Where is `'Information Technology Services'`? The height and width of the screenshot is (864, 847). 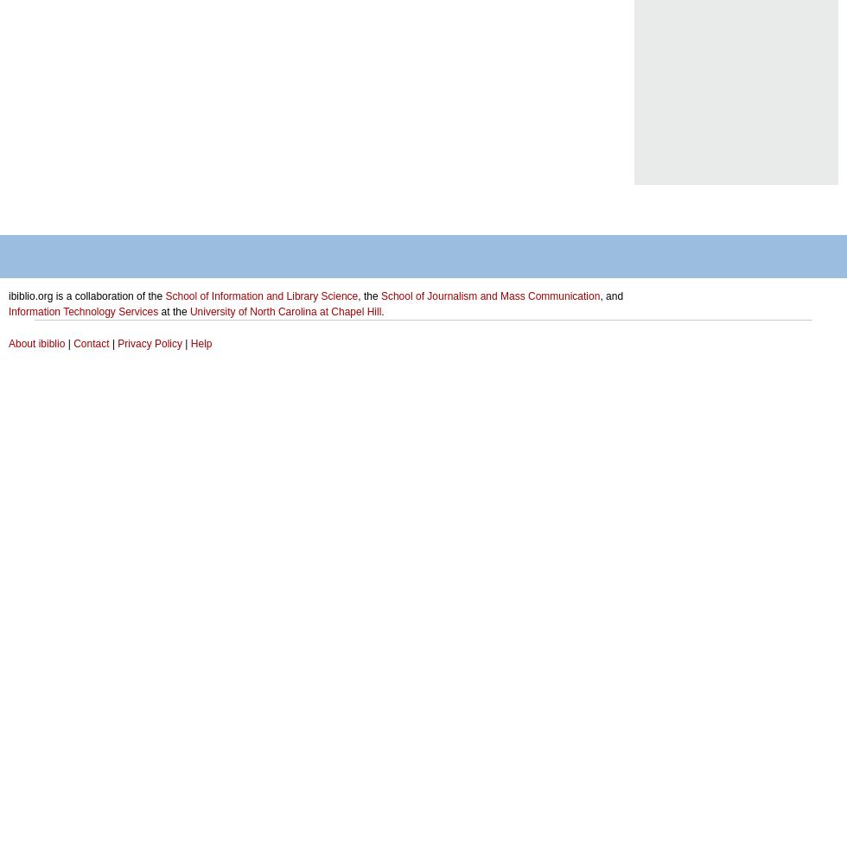 'Information Technology Services' is located at coordinates (83, 311).